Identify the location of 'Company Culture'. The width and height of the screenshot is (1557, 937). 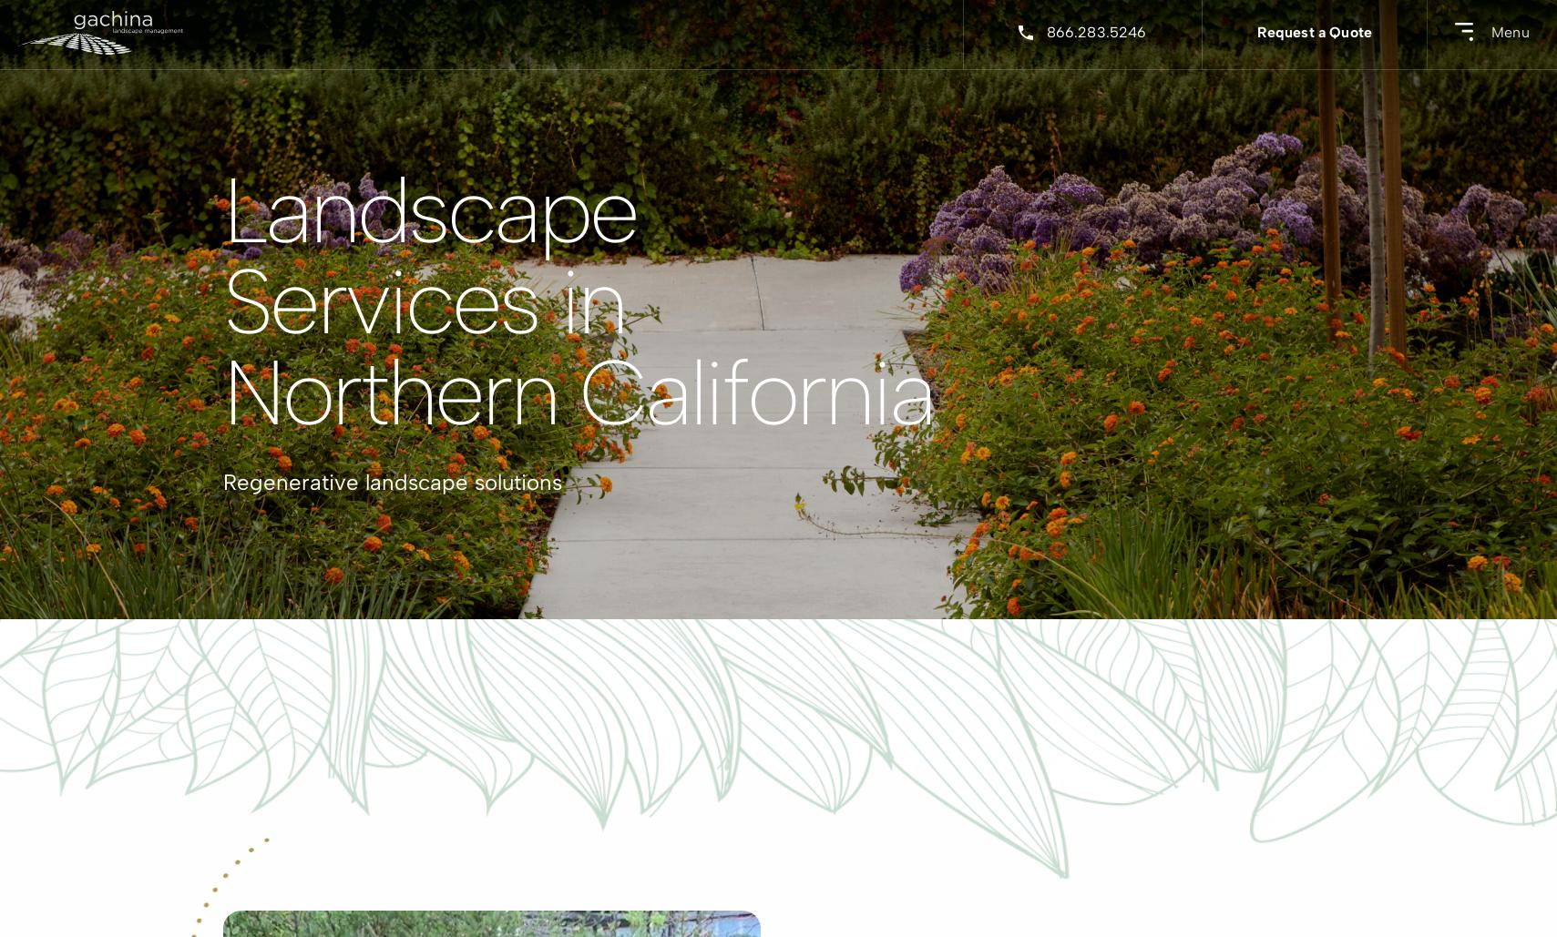
(772, 349).